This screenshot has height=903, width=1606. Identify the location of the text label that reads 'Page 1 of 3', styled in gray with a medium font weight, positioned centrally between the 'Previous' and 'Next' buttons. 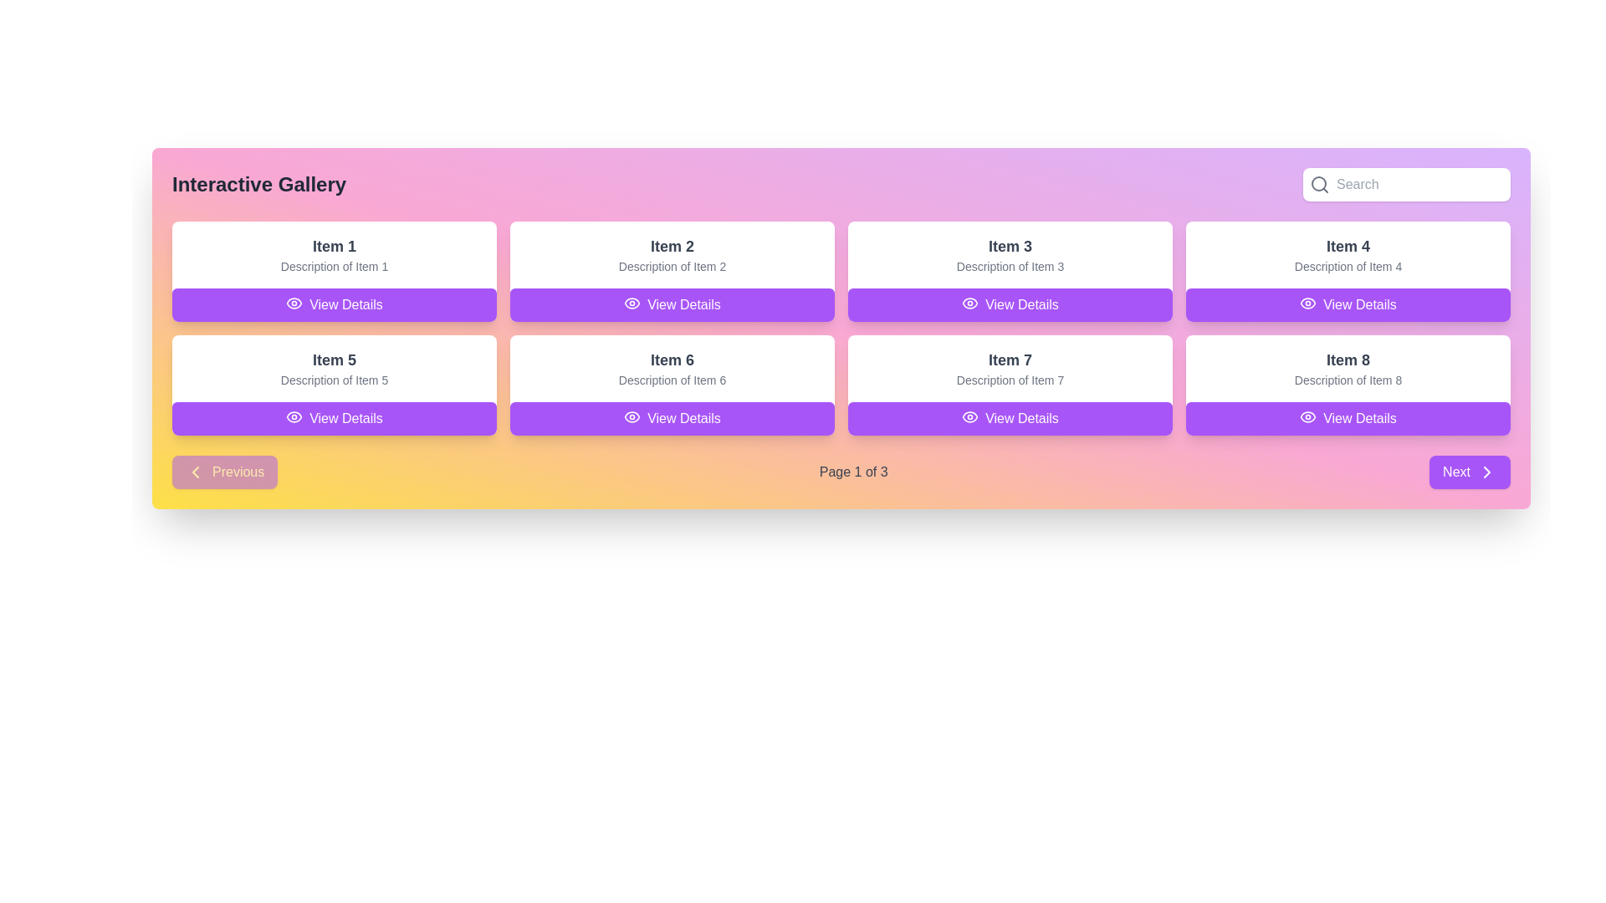
(853, 472).